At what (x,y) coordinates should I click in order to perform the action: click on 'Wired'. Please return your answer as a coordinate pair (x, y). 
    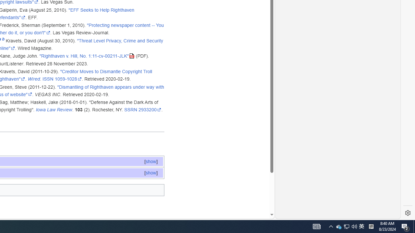
    Looking at the image, I should click on (33, 79).